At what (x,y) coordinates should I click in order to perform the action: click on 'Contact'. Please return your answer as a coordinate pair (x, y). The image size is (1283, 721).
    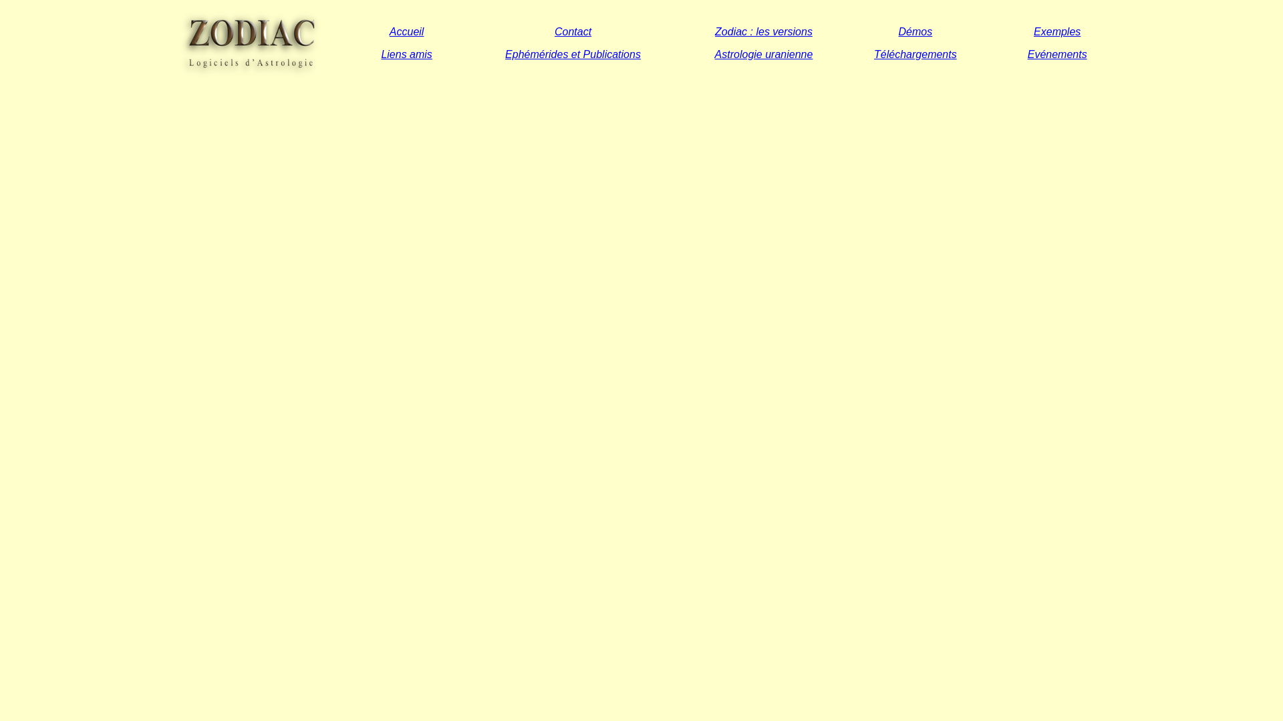
    Looking at the image, I should click on (555, 30).